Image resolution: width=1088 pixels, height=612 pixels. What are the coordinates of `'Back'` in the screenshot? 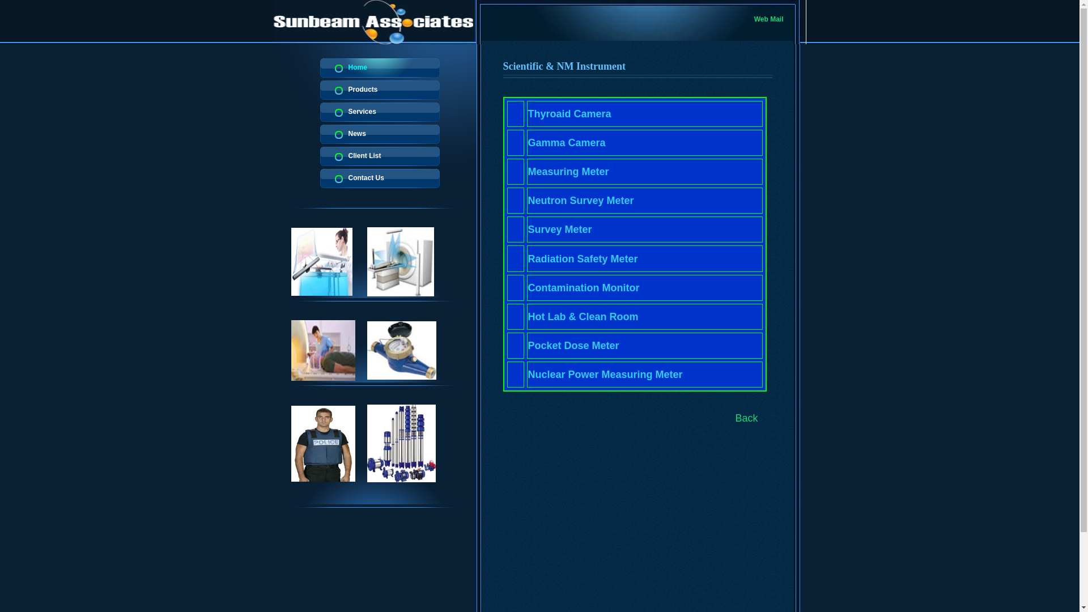 It's located at (747, 418).